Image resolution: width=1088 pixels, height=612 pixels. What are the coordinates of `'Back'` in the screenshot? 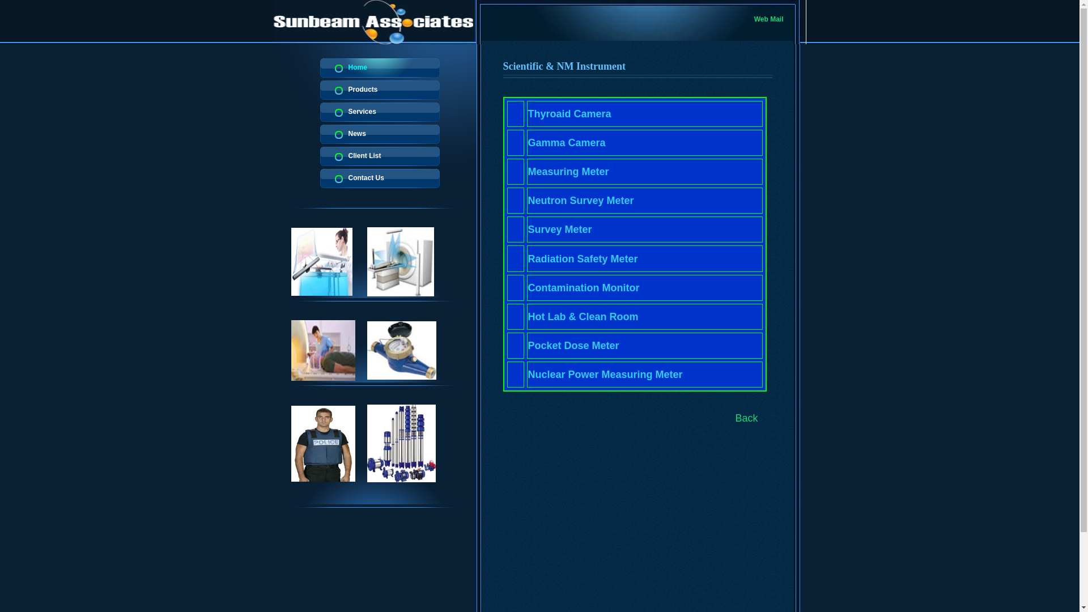 It's located at (747, 418).